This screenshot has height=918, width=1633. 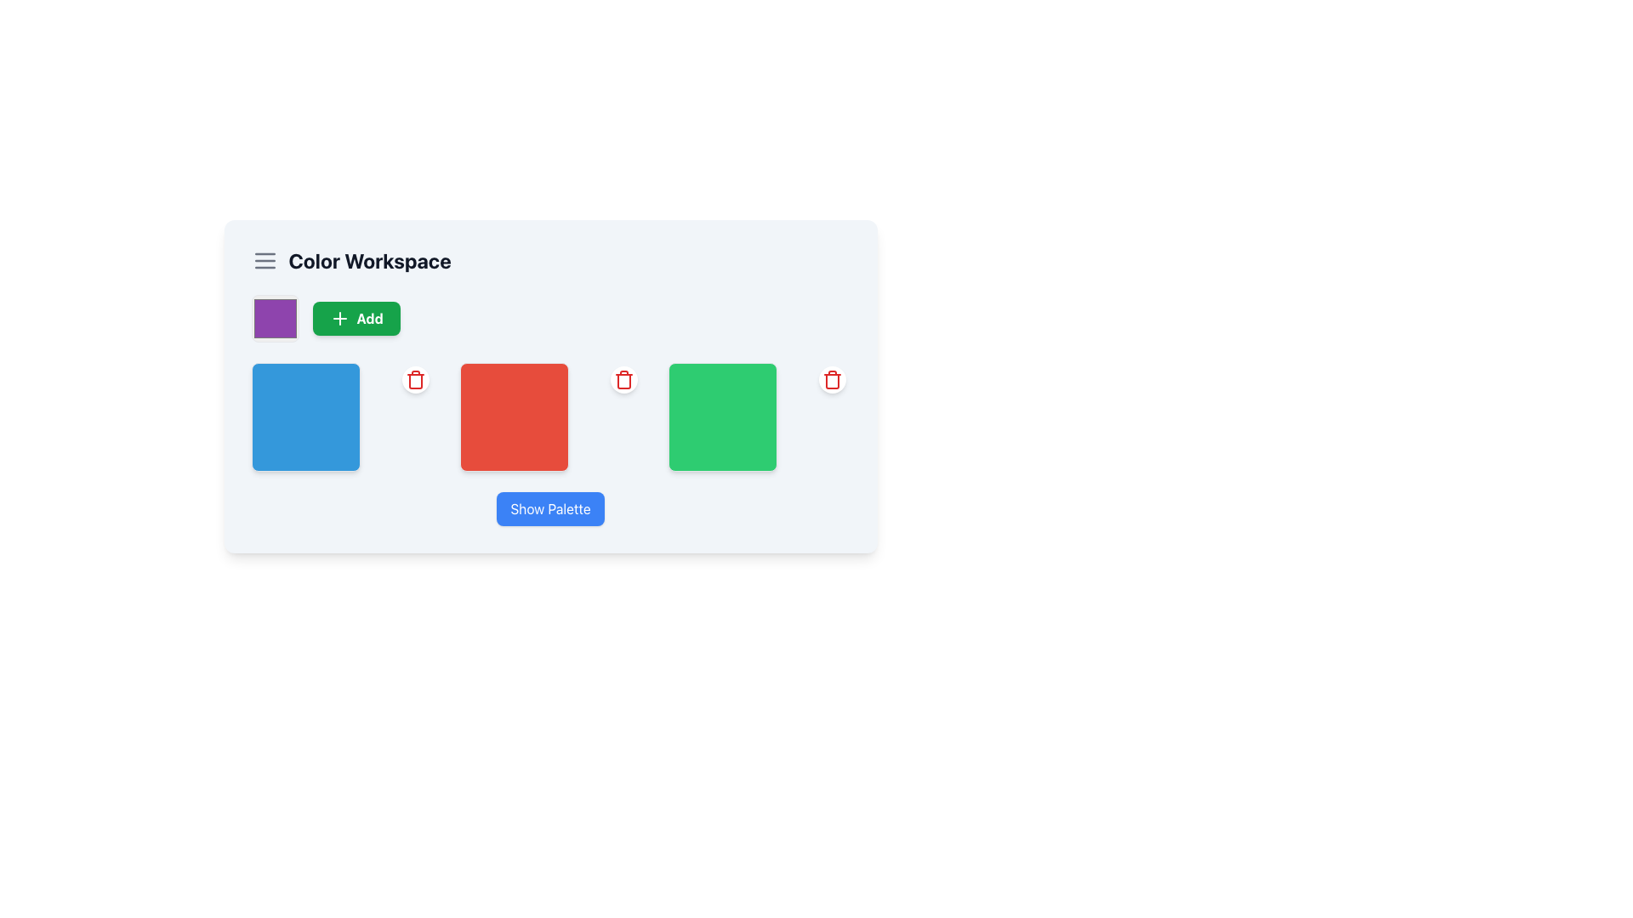 What do you see at coordinates (339, 318) in the screenshot?
I see `the small plus sign icon with a green background located to the left of the 'Add' button` at bounding box center [339, 318].